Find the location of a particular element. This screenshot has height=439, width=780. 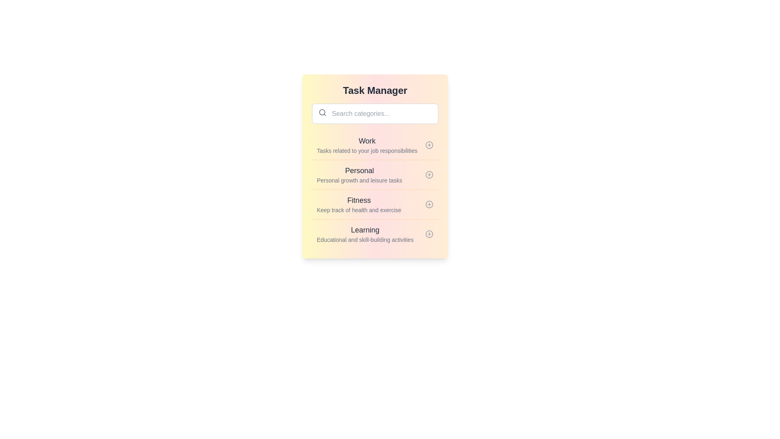

the icon button located in the rightmost area of the list item labeled 'Work' is located at coordinates (429, 145).